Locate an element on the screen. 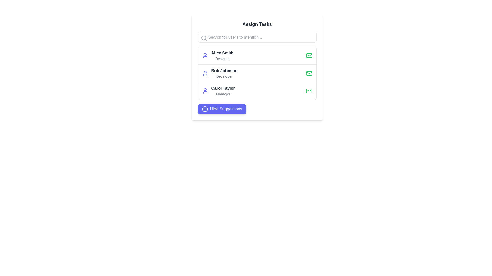 This screenshot has height=276, width=492. the static text label displaying 'Bob Johnson' in bold dark gray, located in the second entry of the vertically aligned list in the 'Assign Tasks' panel is located at coordinates (224, 71).